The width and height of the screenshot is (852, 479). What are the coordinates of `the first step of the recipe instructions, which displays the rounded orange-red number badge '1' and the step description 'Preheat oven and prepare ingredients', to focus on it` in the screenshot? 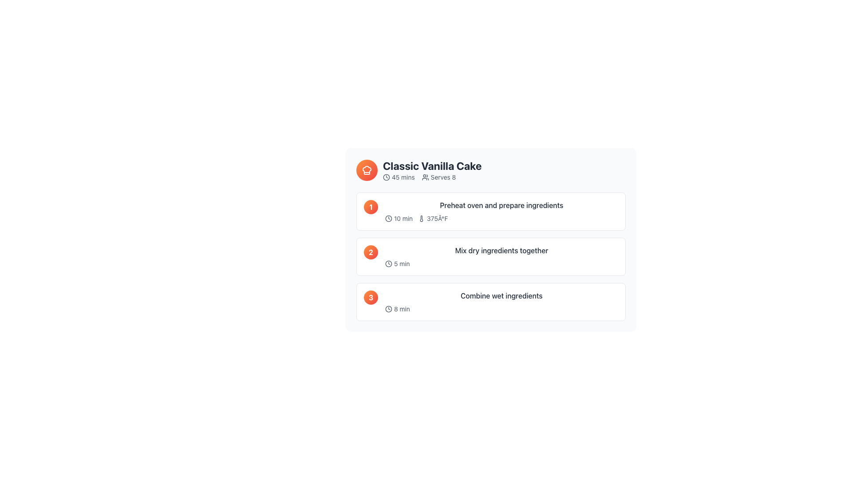 It's located at (490, 212).